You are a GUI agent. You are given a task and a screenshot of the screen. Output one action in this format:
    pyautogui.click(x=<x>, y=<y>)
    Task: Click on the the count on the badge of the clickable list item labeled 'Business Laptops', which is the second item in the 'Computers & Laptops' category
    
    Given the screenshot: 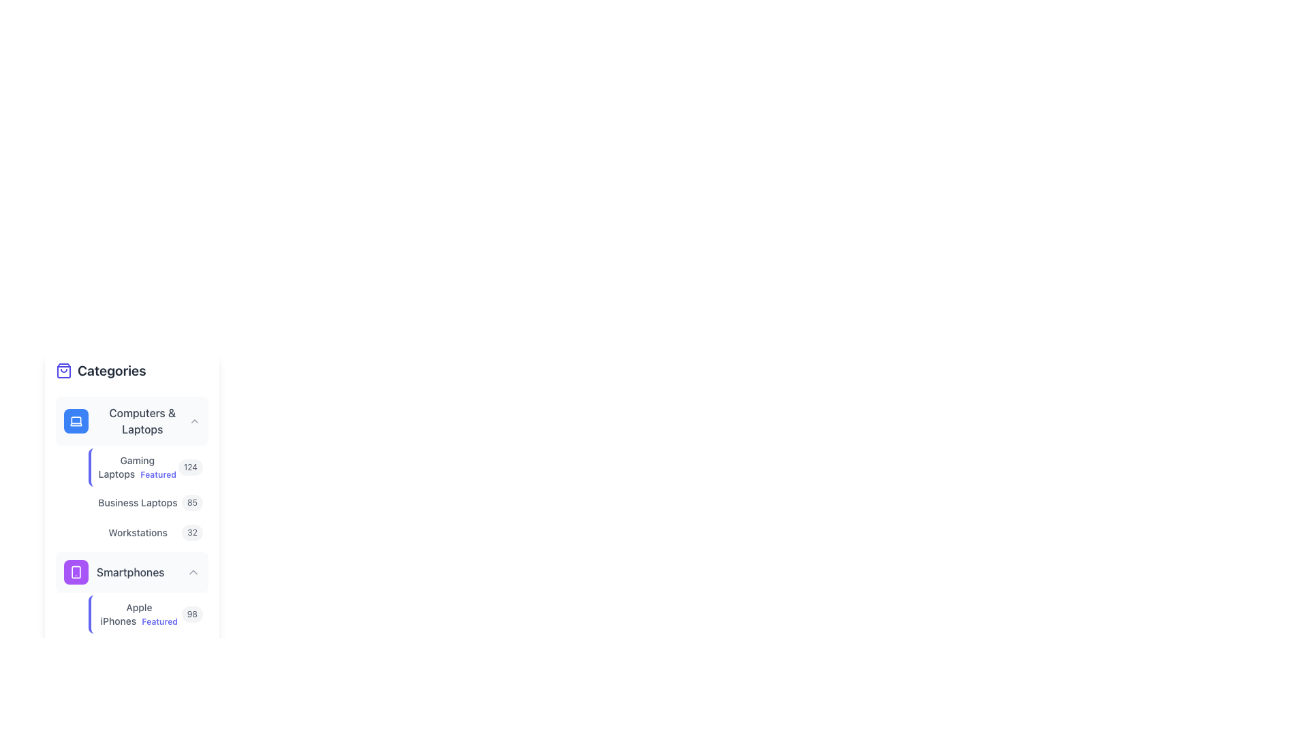 What is the action you would take?
    pyautogui.click(x=148, y=503)
    